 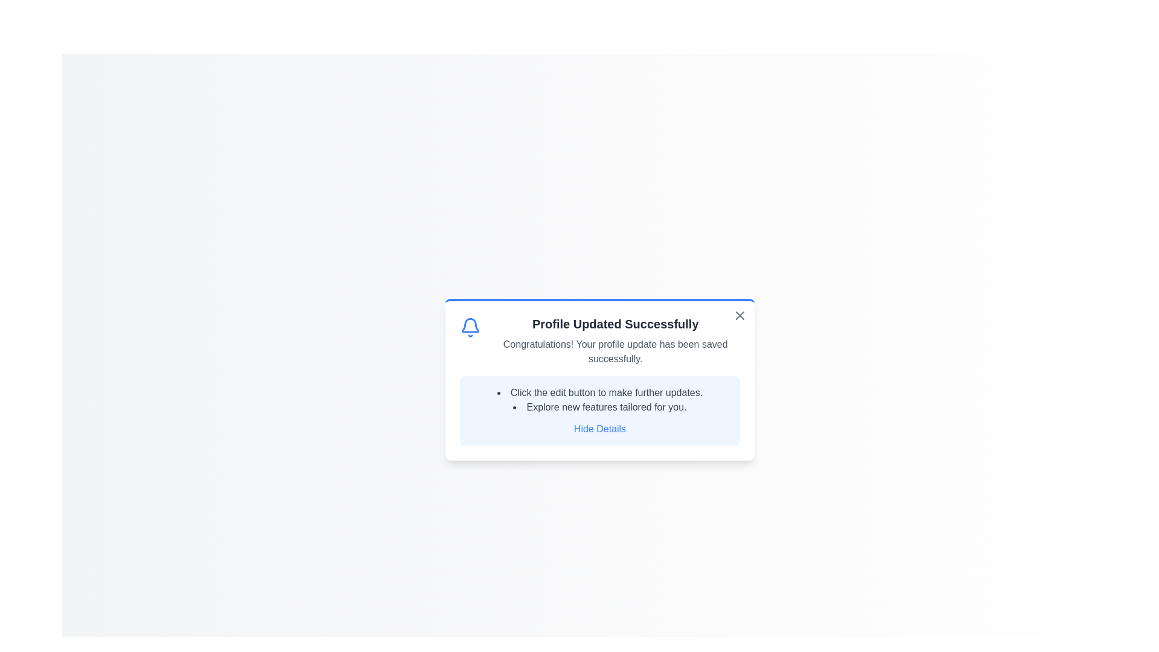 I want to click on the close button located at the top-right corner of the alert, so click(x=739, y=315).